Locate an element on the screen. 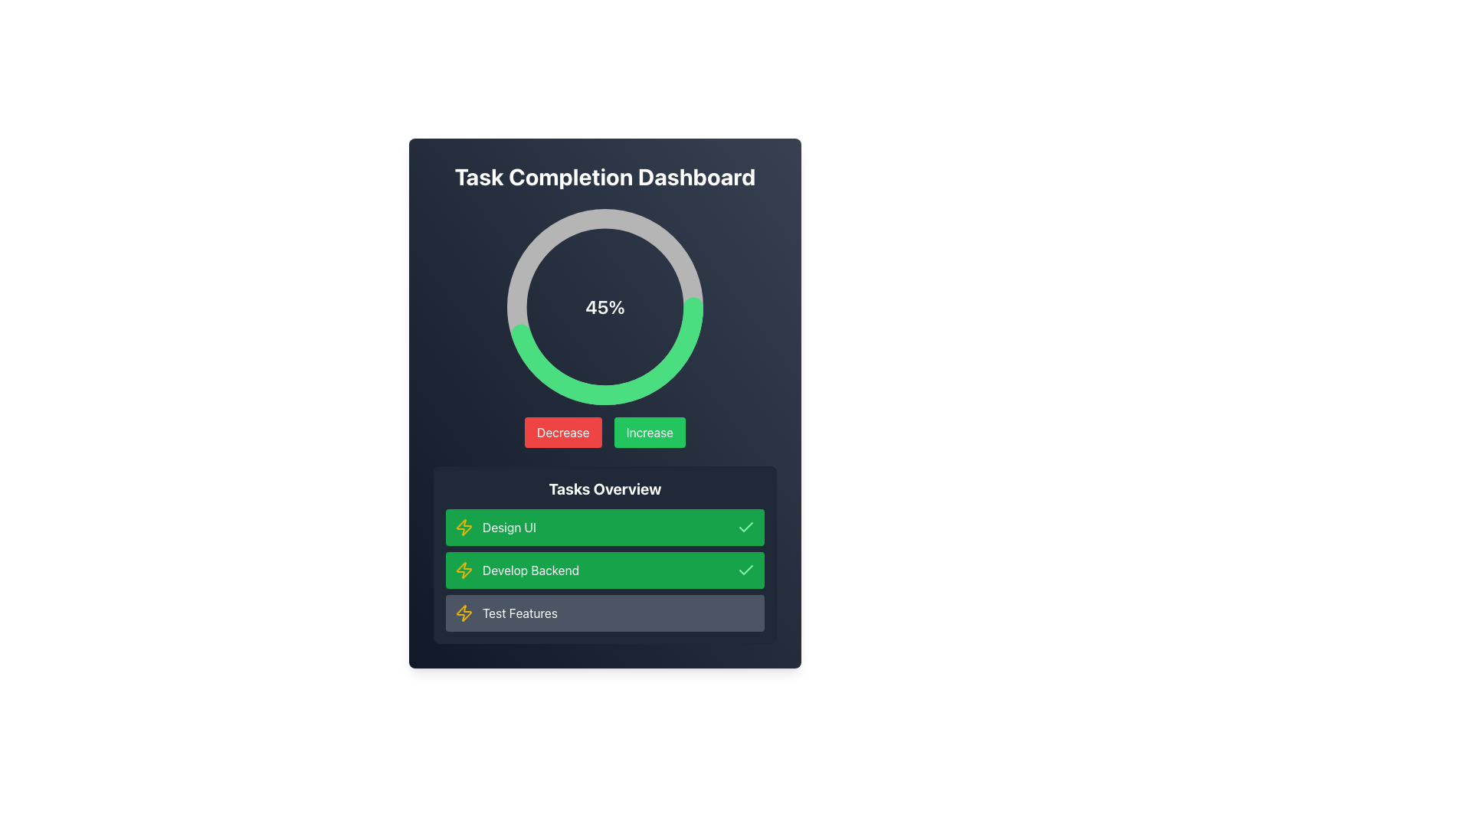  the text displaying '45%' which is centered inside a circular progress bar with a gray outer ring and a green progress portion is located at coordinates (604, 307).